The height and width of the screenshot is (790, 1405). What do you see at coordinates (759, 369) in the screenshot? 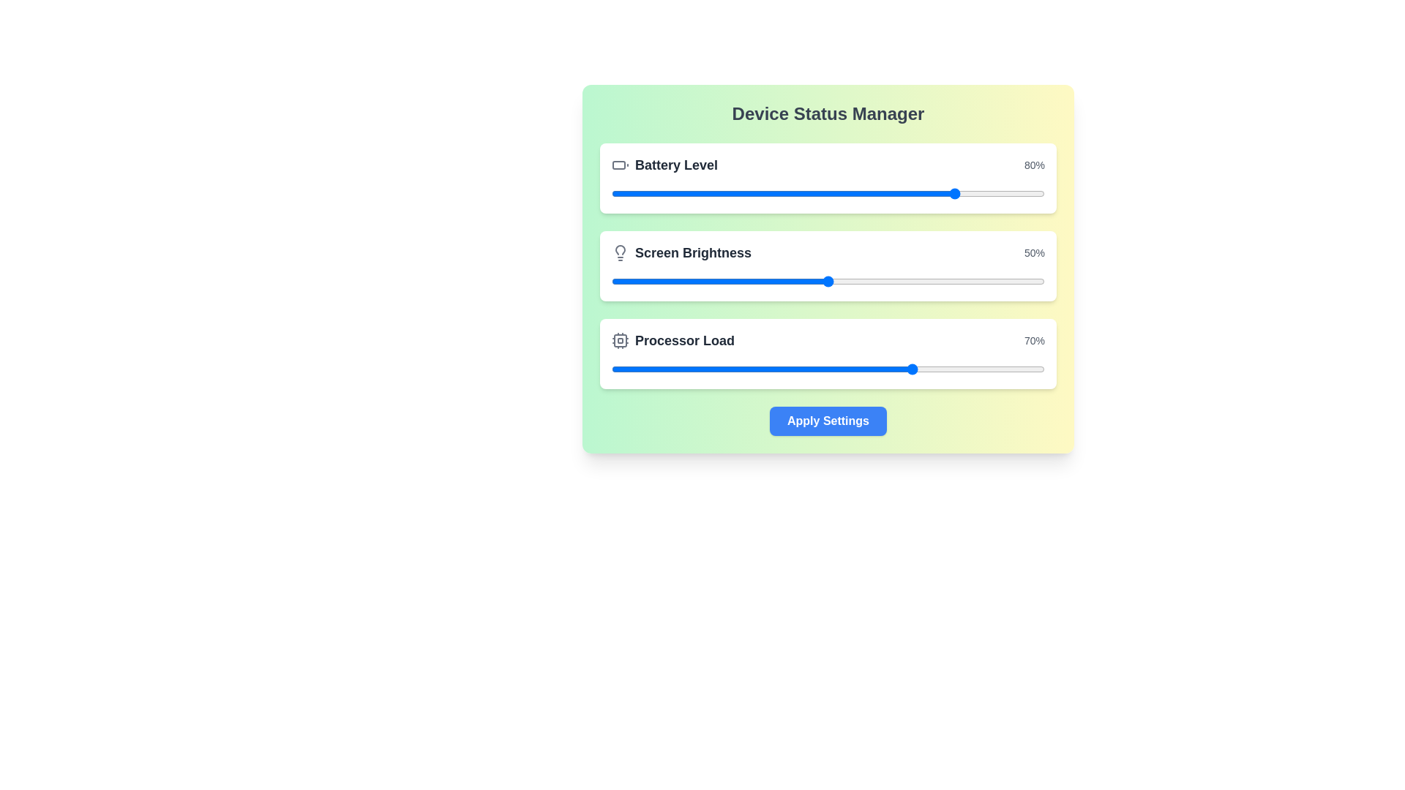
I see `Processor Load slider` at bounding box center [759, 369].